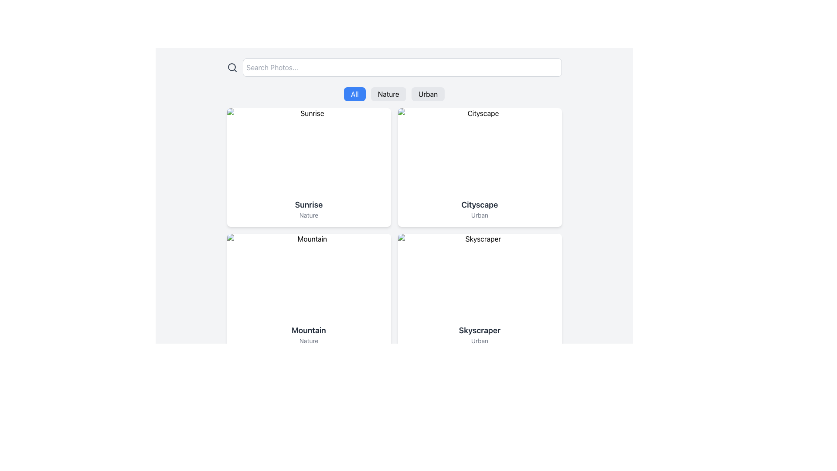 The height and width of the screenshot is (471, 837). What do you see at coordinates (479, 334) in the screenshot?
I see `the text label containing 'Skyscraper' in bold and larger font, with 'Urban' in smaller, lighter gray font below it, located in the bottom-right card of the grid layout` at bounding box center [479, 334].